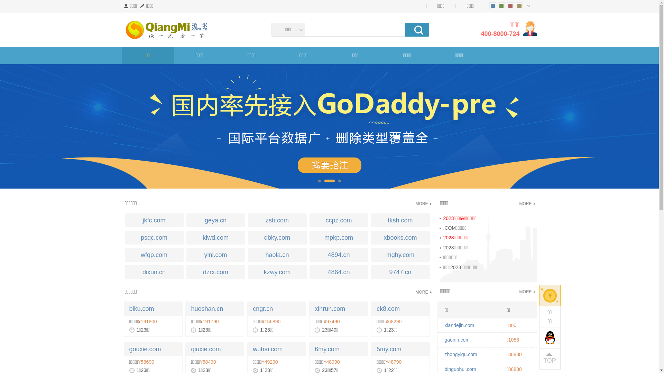  Describe the element at coordinates (370, 220) in the screenshot. I see `'tksh.com'` at that location.